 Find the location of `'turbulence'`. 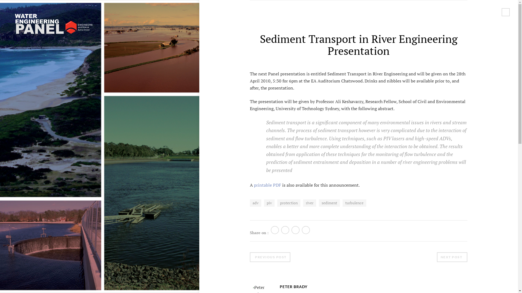

'turbulence' is located at coordinates (354, 203).